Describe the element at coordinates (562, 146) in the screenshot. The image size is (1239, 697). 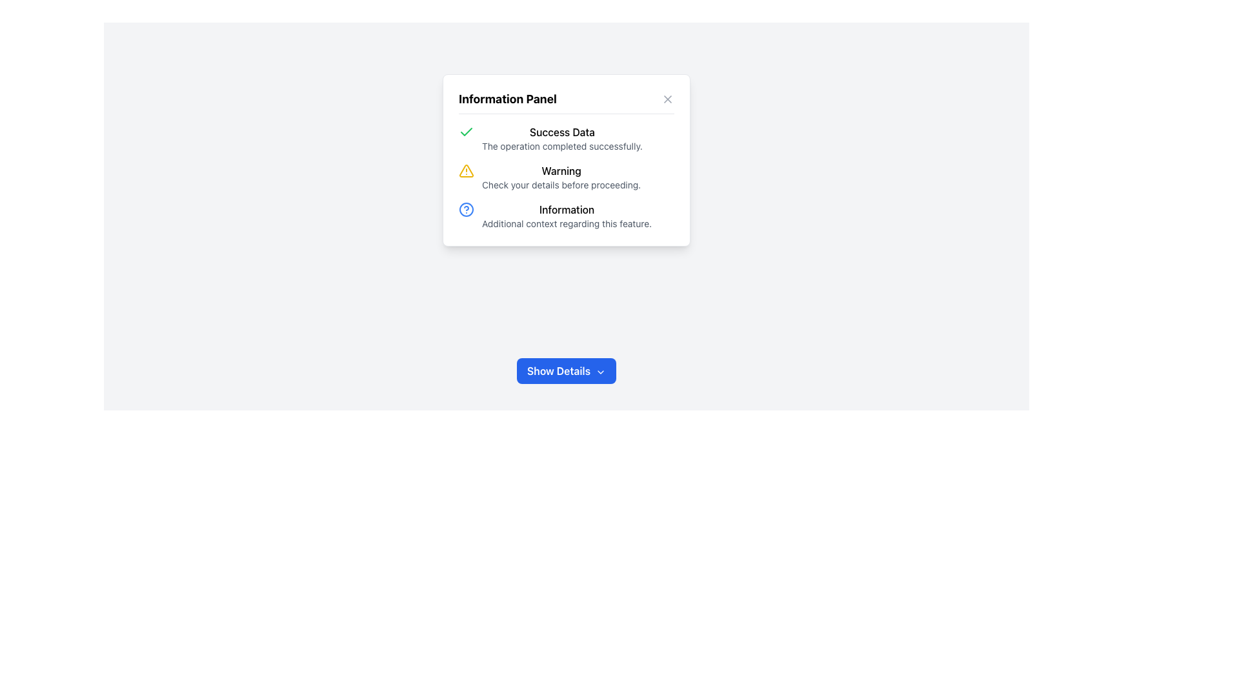
I see `the informational message text indicating successful completion of an operation, located beneath 'Success Data' in the 'Information Panel'` at that location.